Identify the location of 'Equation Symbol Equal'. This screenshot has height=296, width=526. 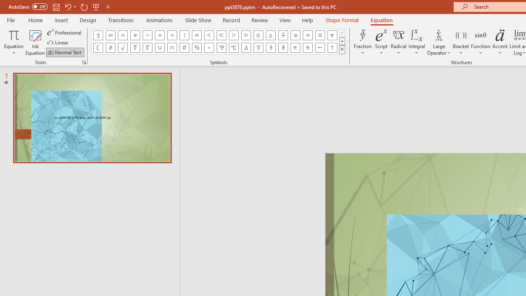
(122, 35).